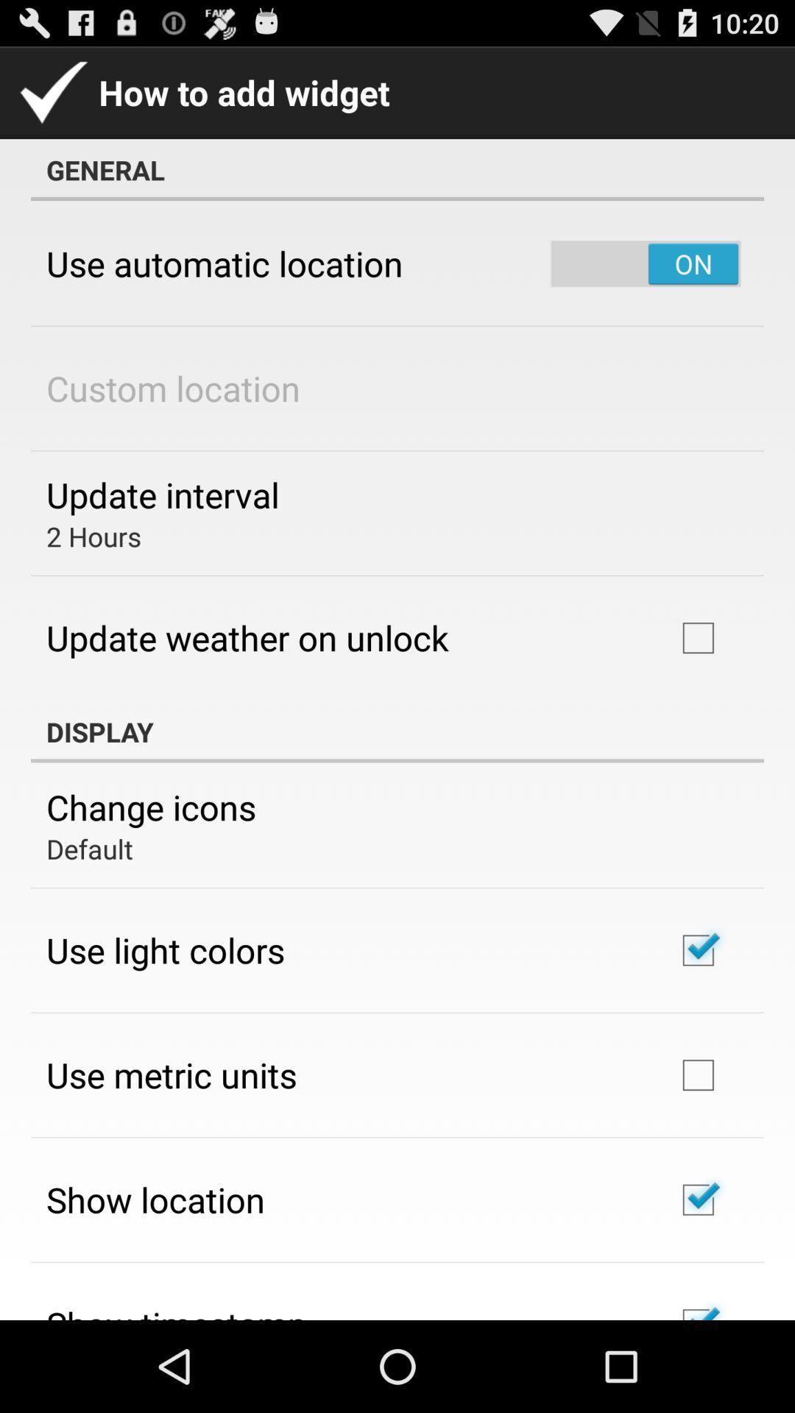 This screenshot has height=1413, width=795. I want to click on the display app, so click(397, 732).